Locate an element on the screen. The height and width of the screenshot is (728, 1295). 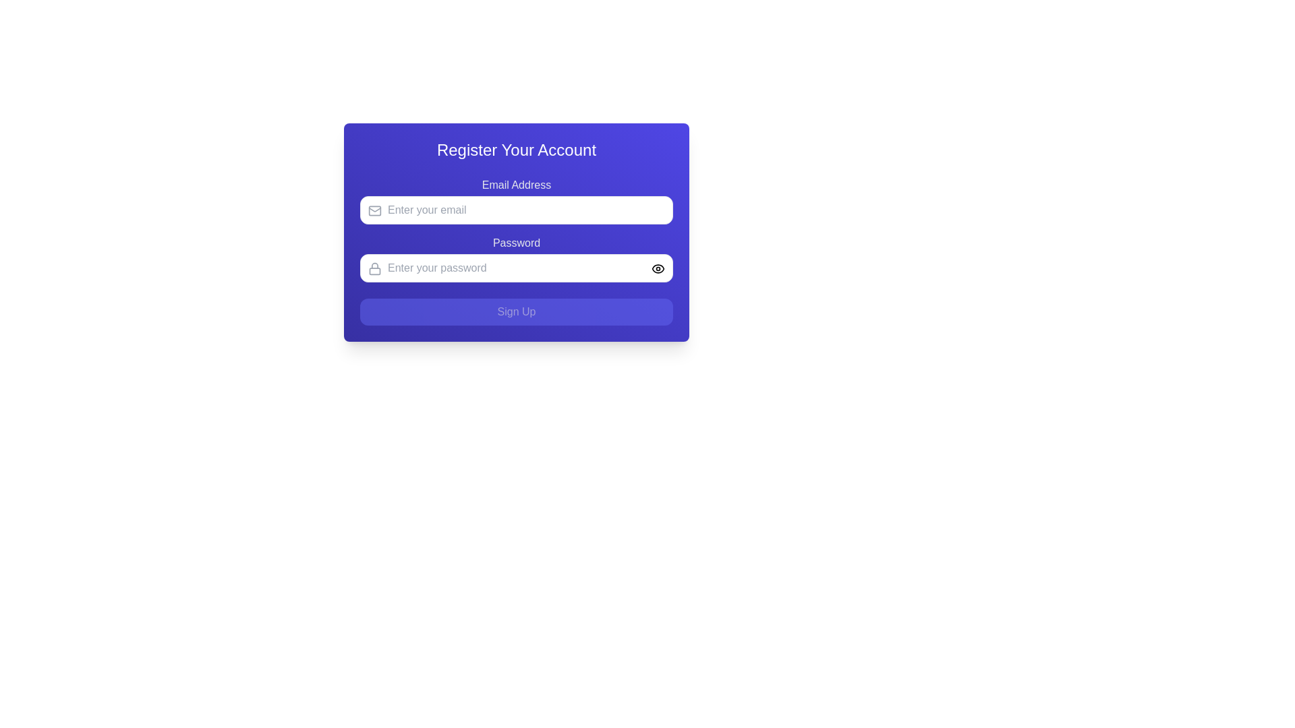
the lower rectangular part of the lock icon, which represents security and is located to the left of the 'Password' input field is located at coordinates (375, 270).